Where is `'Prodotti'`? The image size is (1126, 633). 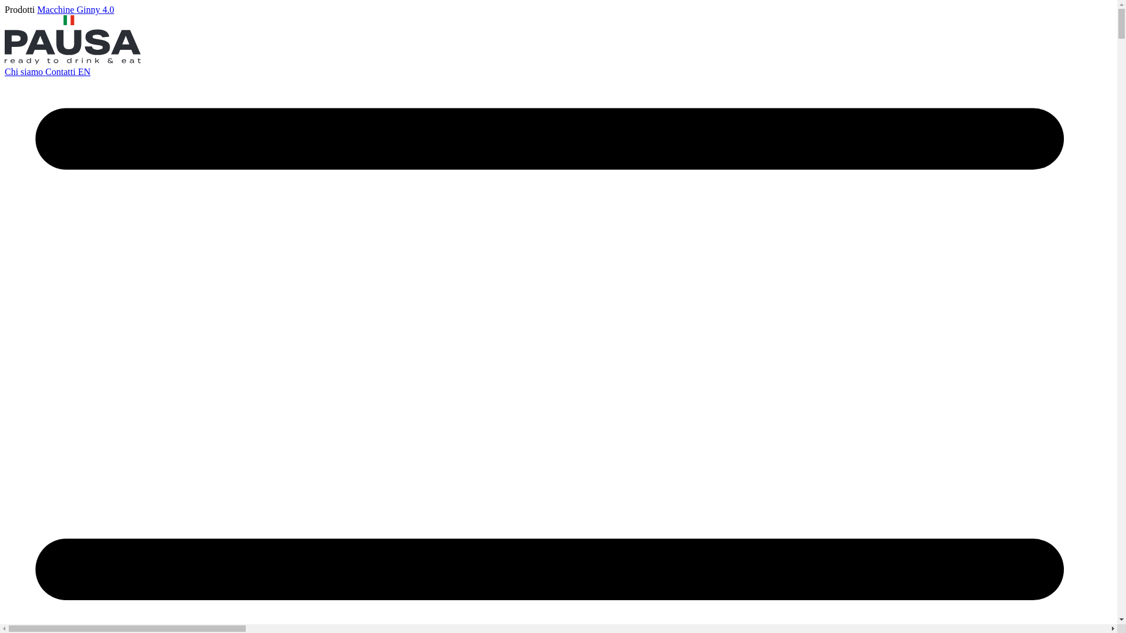
'Prodotti' is located at coordinates (21, 9).